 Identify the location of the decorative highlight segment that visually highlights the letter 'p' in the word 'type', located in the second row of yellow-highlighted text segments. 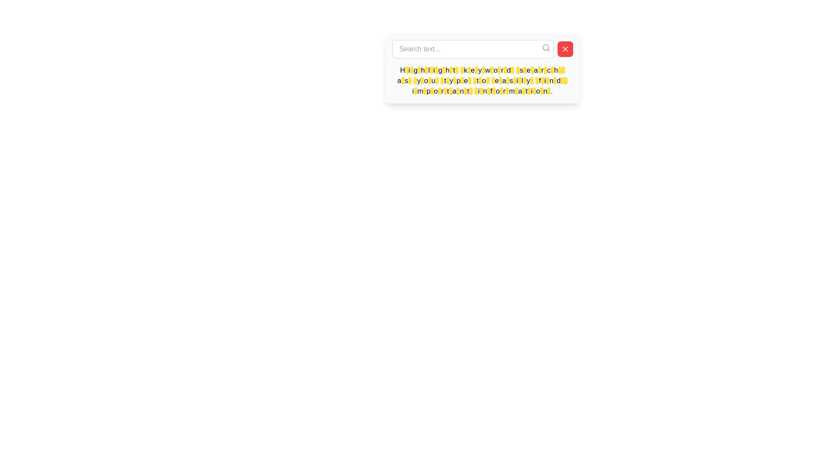
(454, 81).